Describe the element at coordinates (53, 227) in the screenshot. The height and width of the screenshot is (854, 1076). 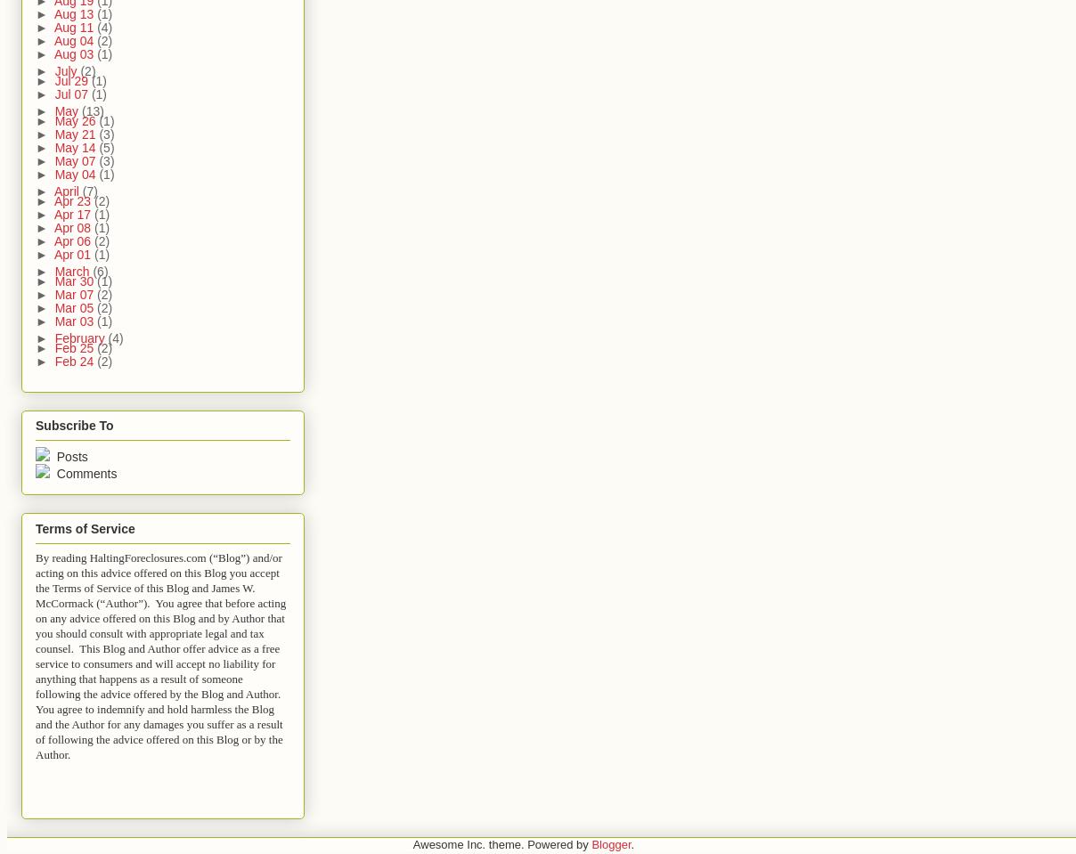
I see `'Apr 08'` at that location.